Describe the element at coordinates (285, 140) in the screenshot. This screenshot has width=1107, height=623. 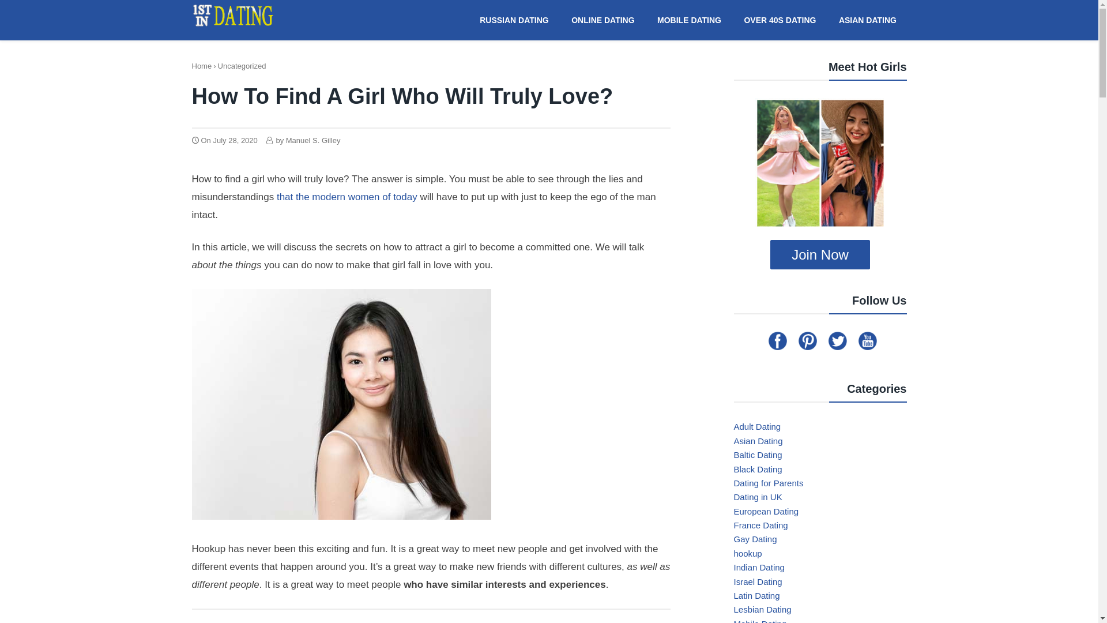
I see `'Manuel S. Gilley'` at that location.